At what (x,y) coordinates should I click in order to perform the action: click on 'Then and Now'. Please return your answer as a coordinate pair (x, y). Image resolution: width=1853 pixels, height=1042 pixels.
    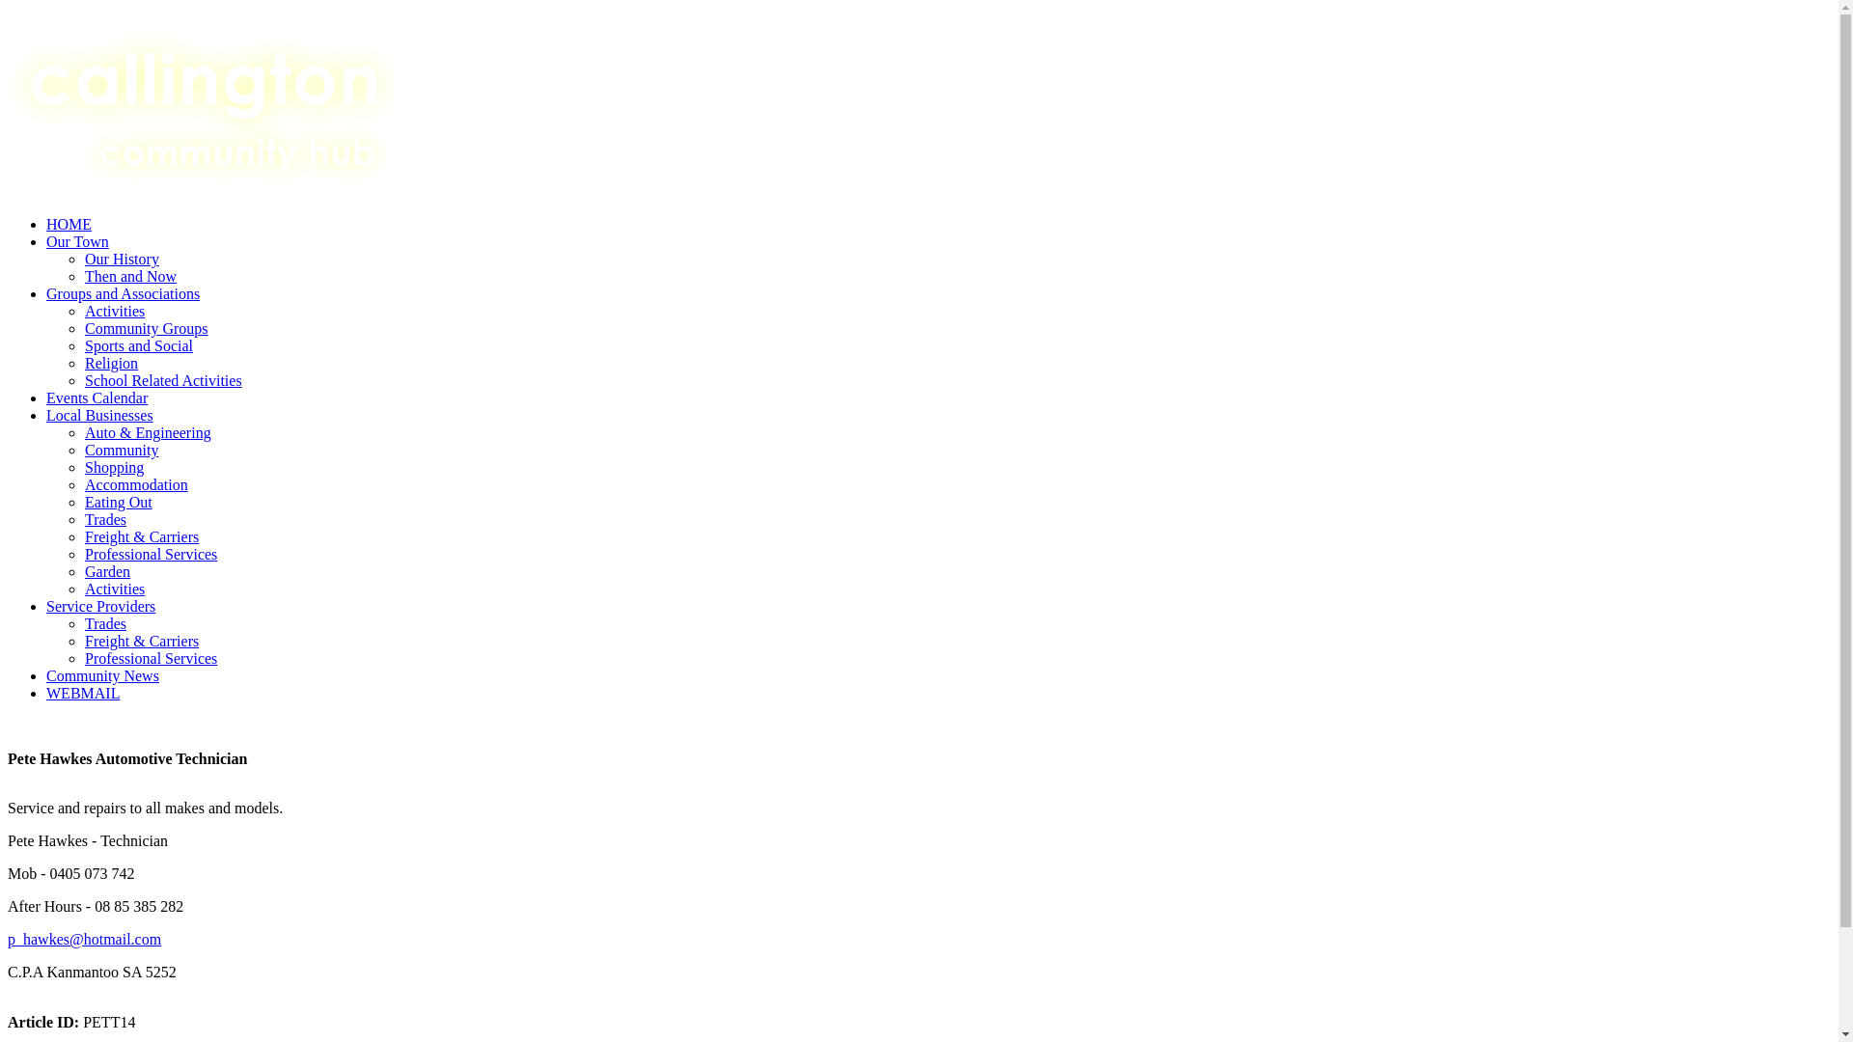
    Looking at the image, I should click on (129, 276).